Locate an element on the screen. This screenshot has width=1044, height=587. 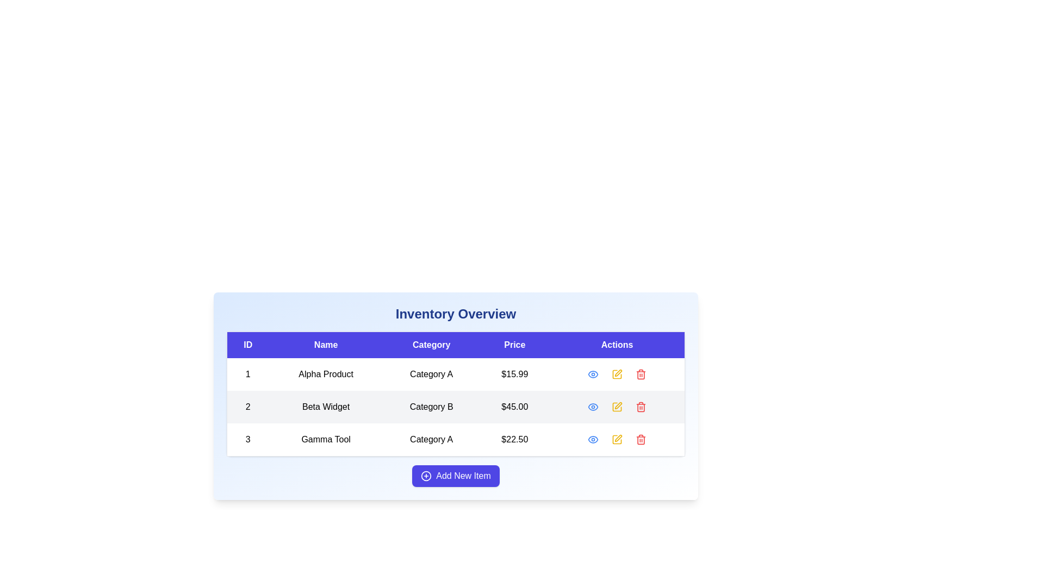
the Table Header labeled 'ID', which is styled with a bold blue background and white capitalized text, located at the leftmost position of the header group is located at coordinates (247, 345).